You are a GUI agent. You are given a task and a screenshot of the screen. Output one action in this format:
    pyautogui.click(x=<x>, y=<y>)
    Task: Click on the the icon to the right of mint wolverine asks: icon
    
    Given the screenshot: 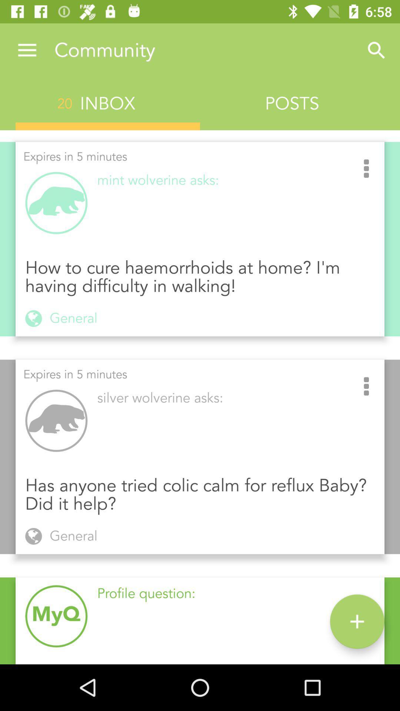 What is the action you would take?
    pyautogui.click(x=366, y=169)
    